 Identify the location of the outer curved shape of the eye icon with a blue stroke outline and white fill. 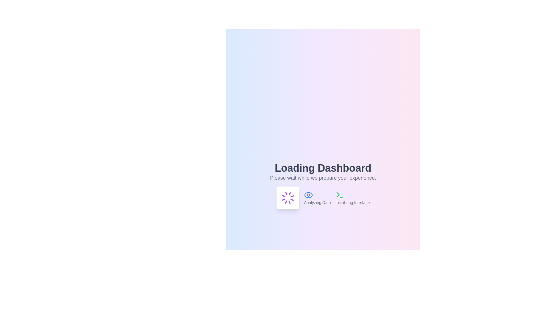
(308, 195).